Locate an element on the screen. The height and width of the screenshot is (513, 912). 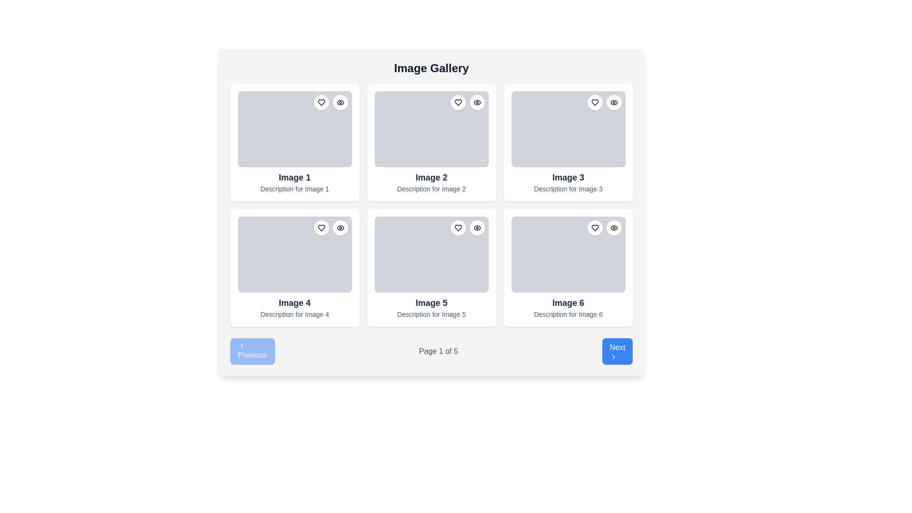
the eye icon button located in the upper-right corner of the card for 'Image 5' in the gallery layout is located at coordinates (477, 228).